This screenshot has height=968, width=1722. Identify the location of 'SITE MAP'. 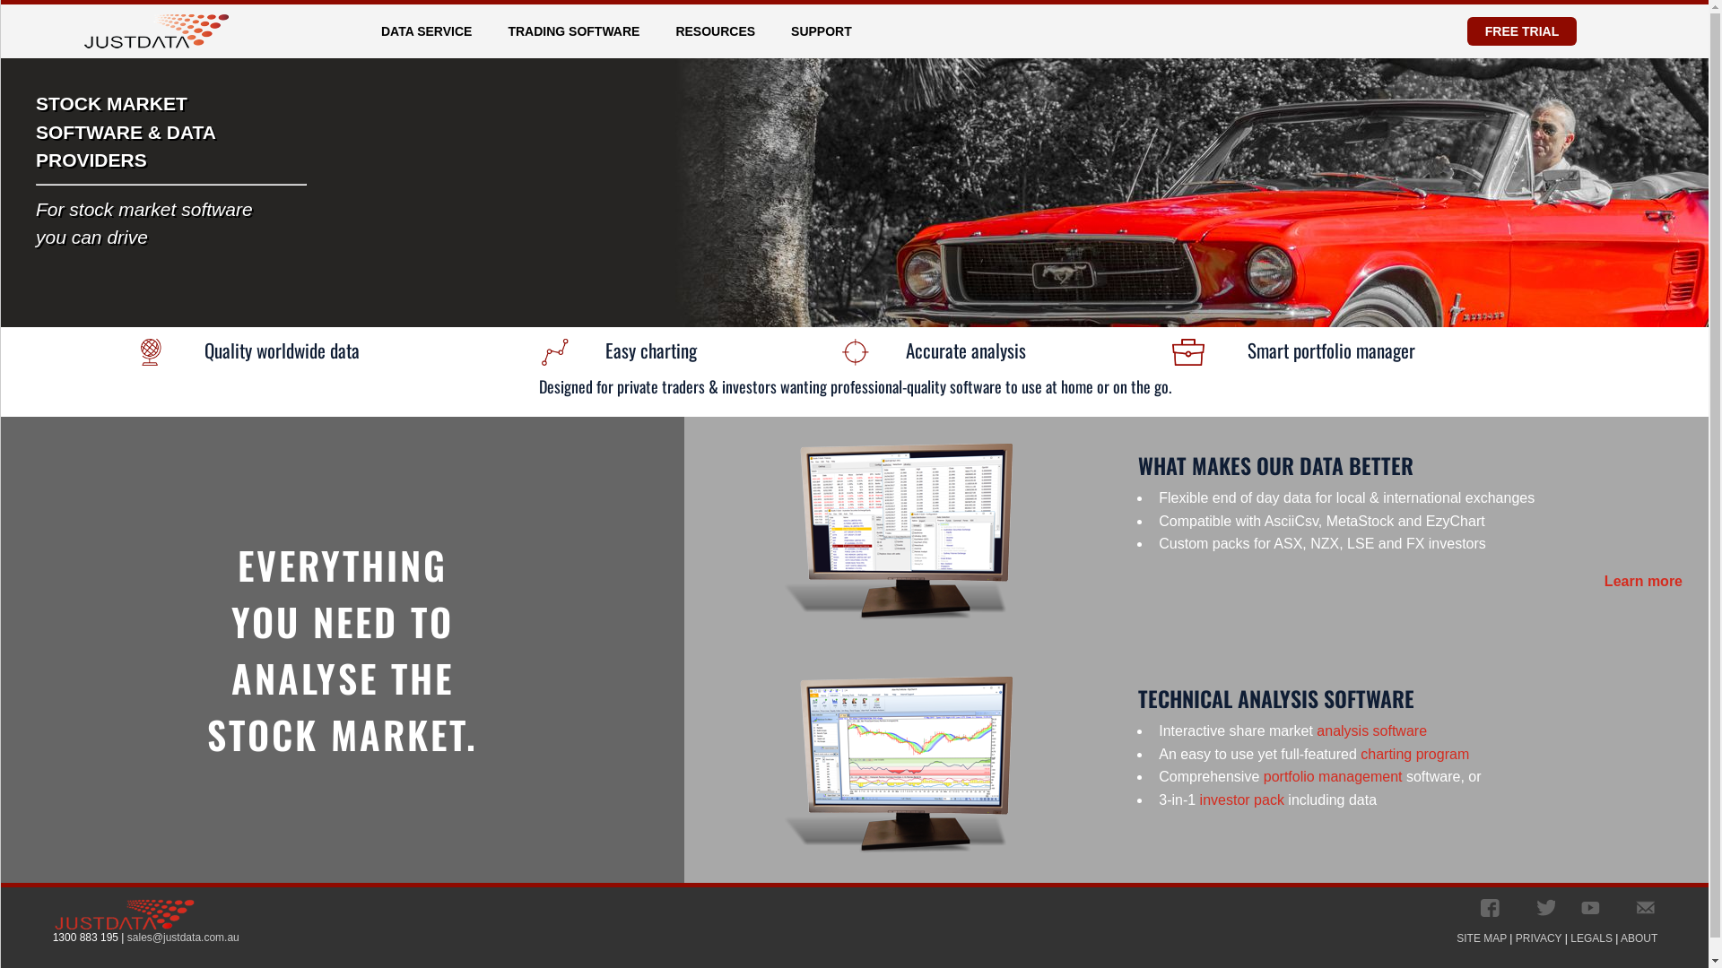
(1481, 937).